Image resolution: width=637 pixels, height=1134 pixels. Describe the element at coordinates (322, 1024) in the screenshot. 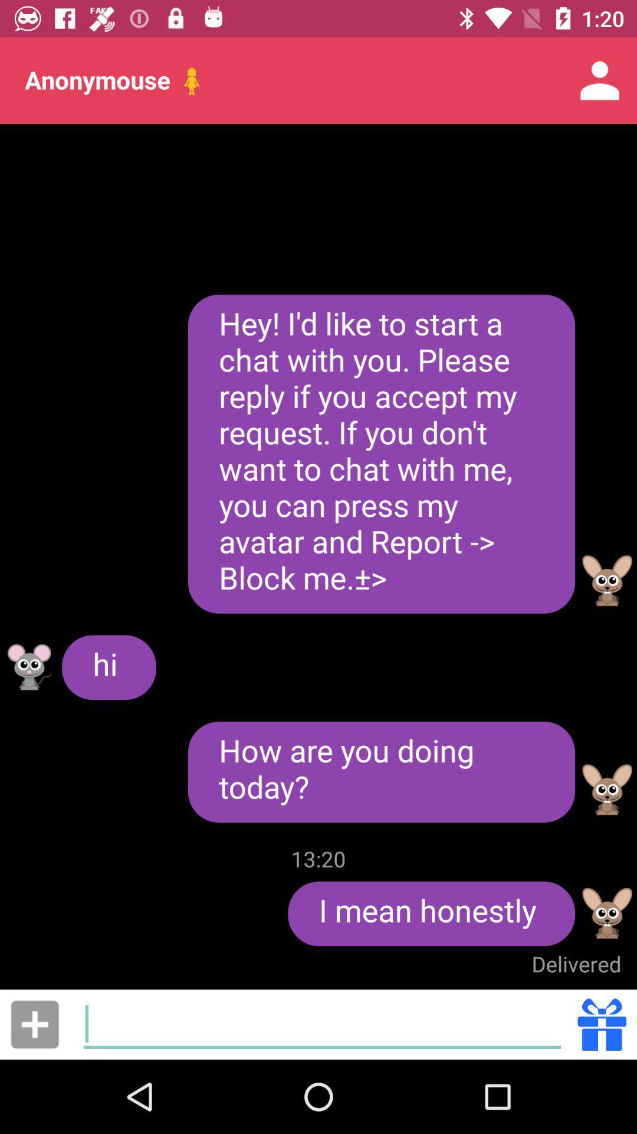

I see `type box` at that location.